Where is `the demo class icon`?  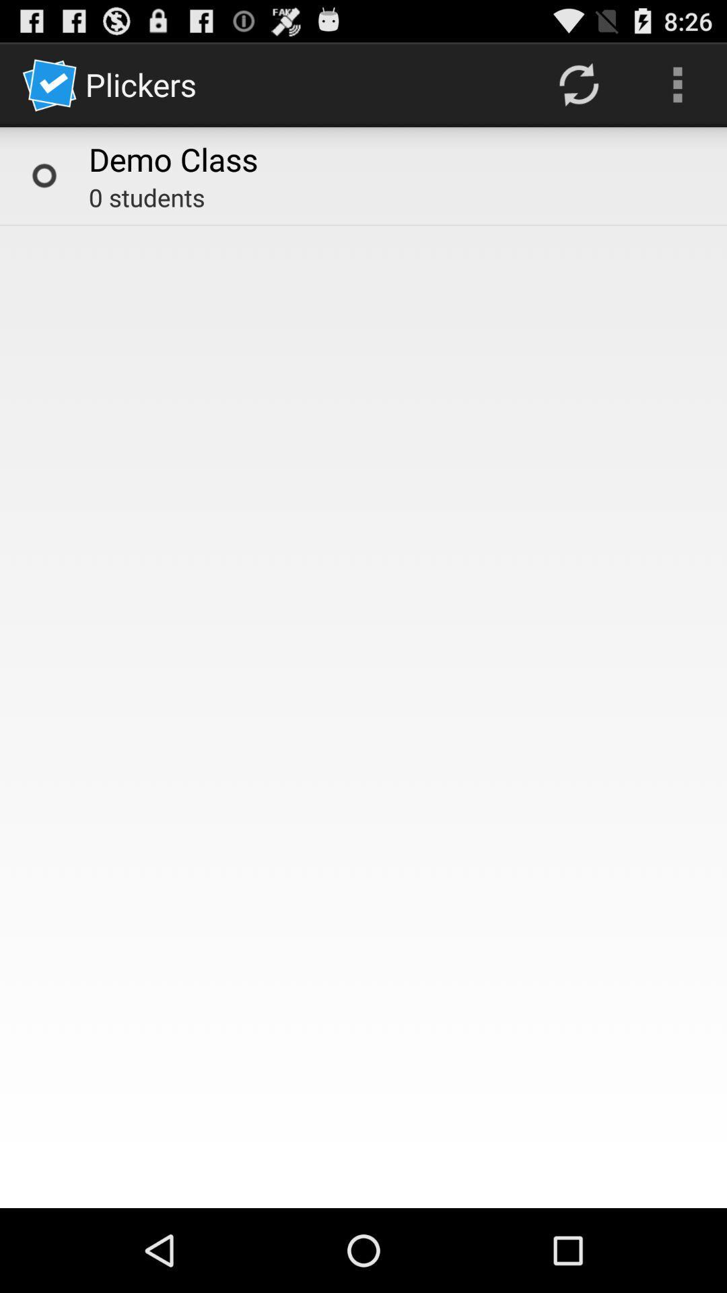
the demo class icon is located at coordinates (172, 159).